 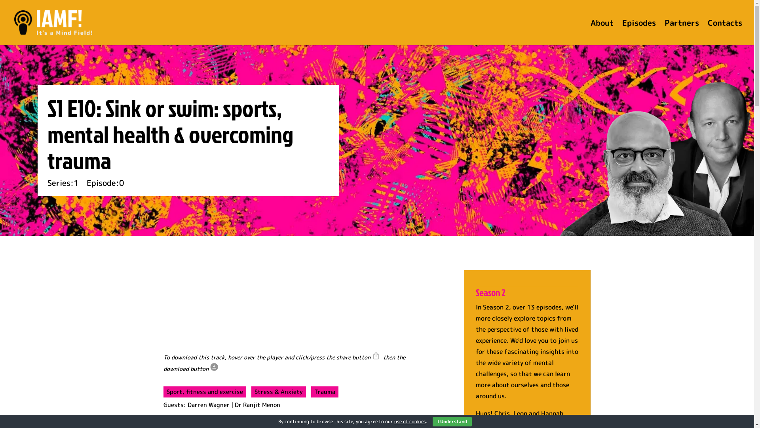 I want to click on 'use of cookies', so click(x=410, y=421).